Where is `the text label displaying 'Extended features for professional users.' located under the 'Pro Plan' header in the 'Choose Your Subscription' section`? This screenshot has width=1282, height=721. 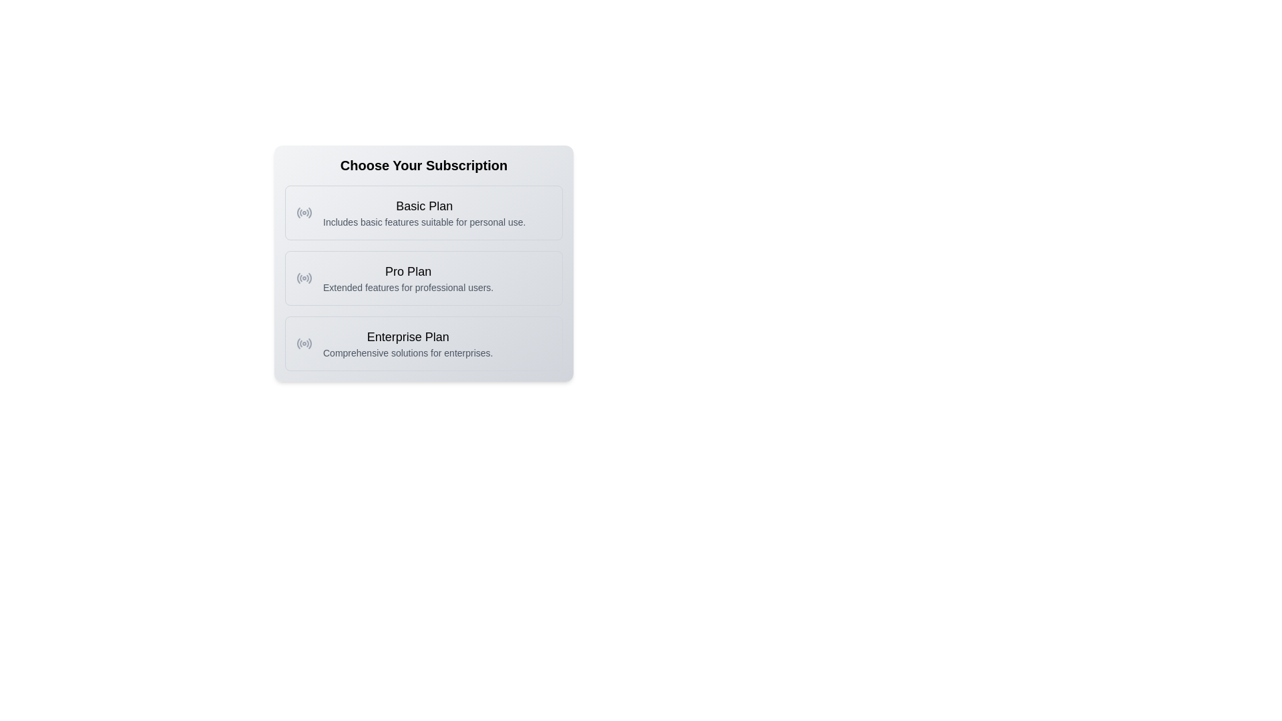
the text label displaying 'Extended features for professional users.' located under the 'Pro Plan' header in the 'Choose Your Subscription' section is located at coordinates (407, 287).